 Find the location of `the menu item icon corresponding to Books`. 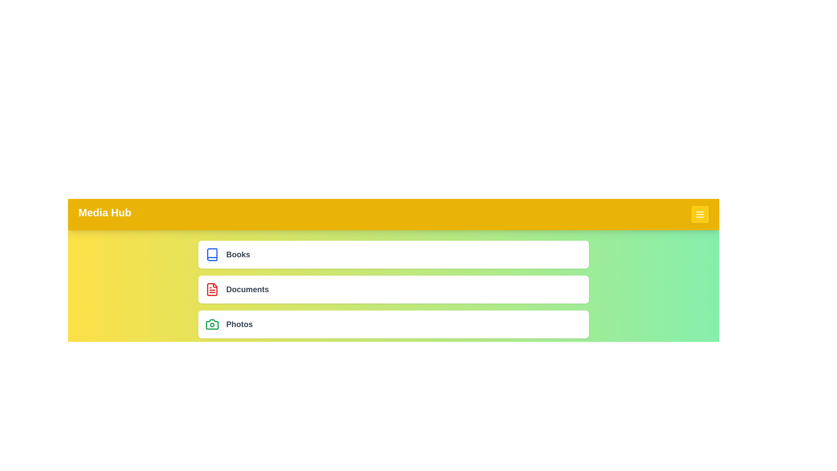

the menu item icon corresponding to Books is located at coordinates (212, 254).